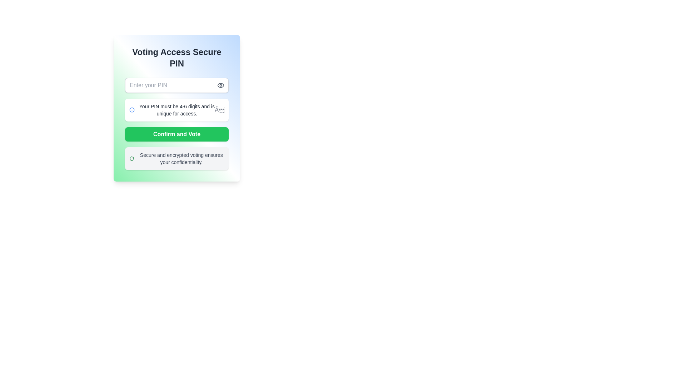  Describe the element at coordinates (177, 110) in the screenshot. I see `informative text from the Notification banner, which has a white background, rounded corners, and contains a descriptive message in gray text` at that location.